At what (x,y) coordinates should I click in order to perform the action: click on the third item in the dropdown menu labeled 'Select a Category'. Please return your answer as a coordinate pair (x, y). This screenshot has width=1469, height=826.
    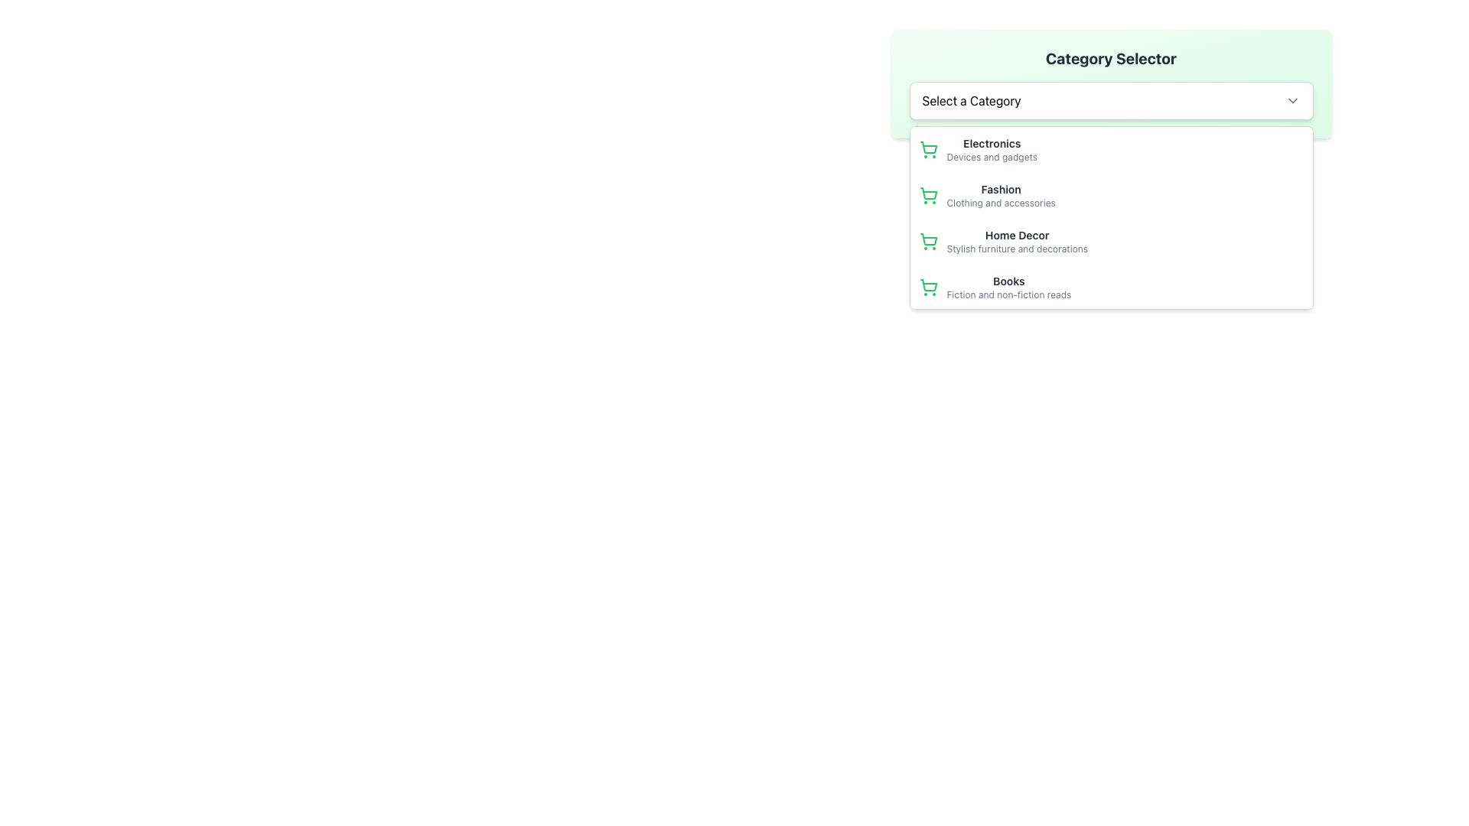
    Looking at the image, I should click on (1111, 218).